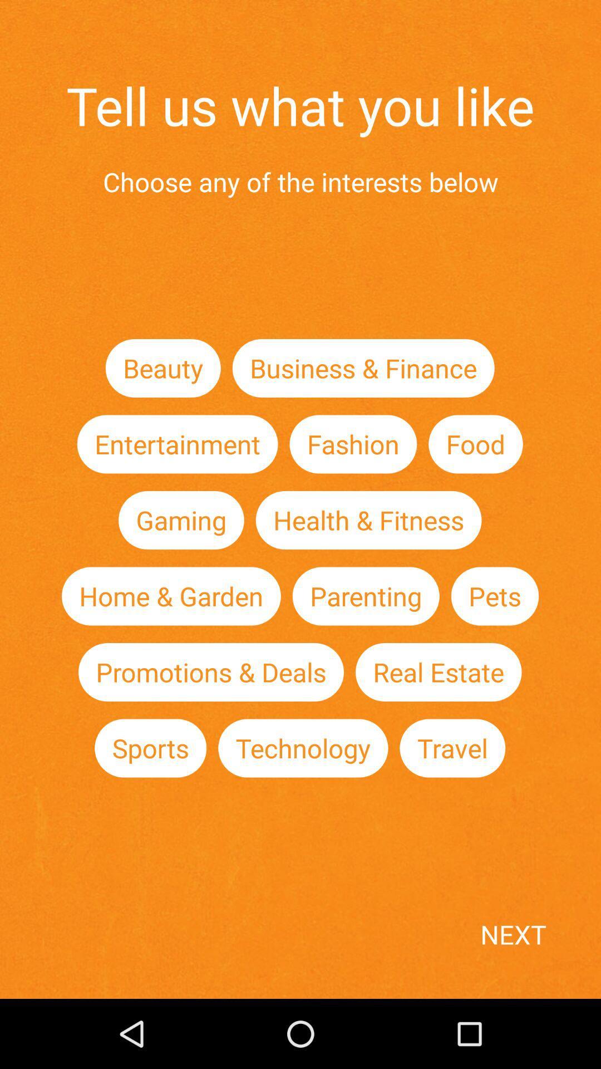  What do you see at coordinates (177, 443) in the screenshot?
I see `the entertainment item` at bounding box center [177, 443].